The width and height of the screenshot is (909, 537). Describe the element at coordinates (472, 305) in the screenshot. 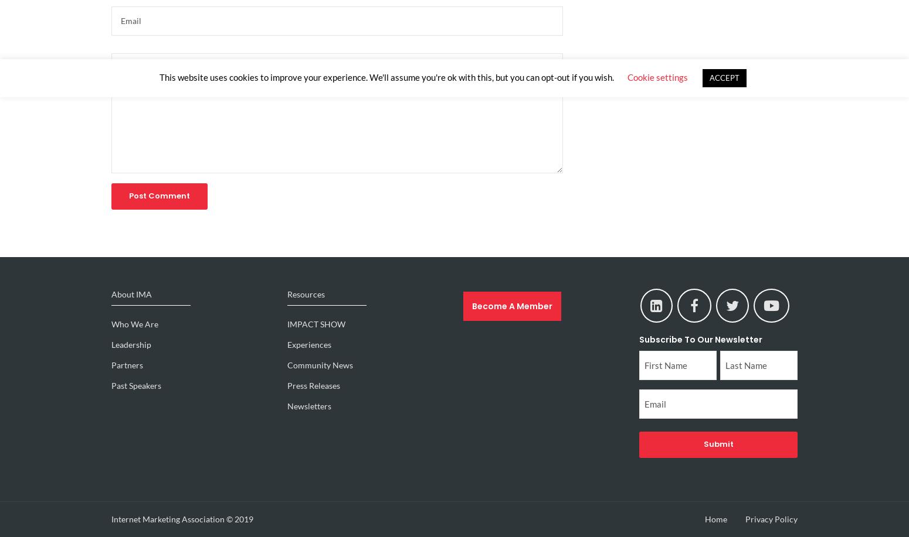

I see `'Become A Member'` at that location.